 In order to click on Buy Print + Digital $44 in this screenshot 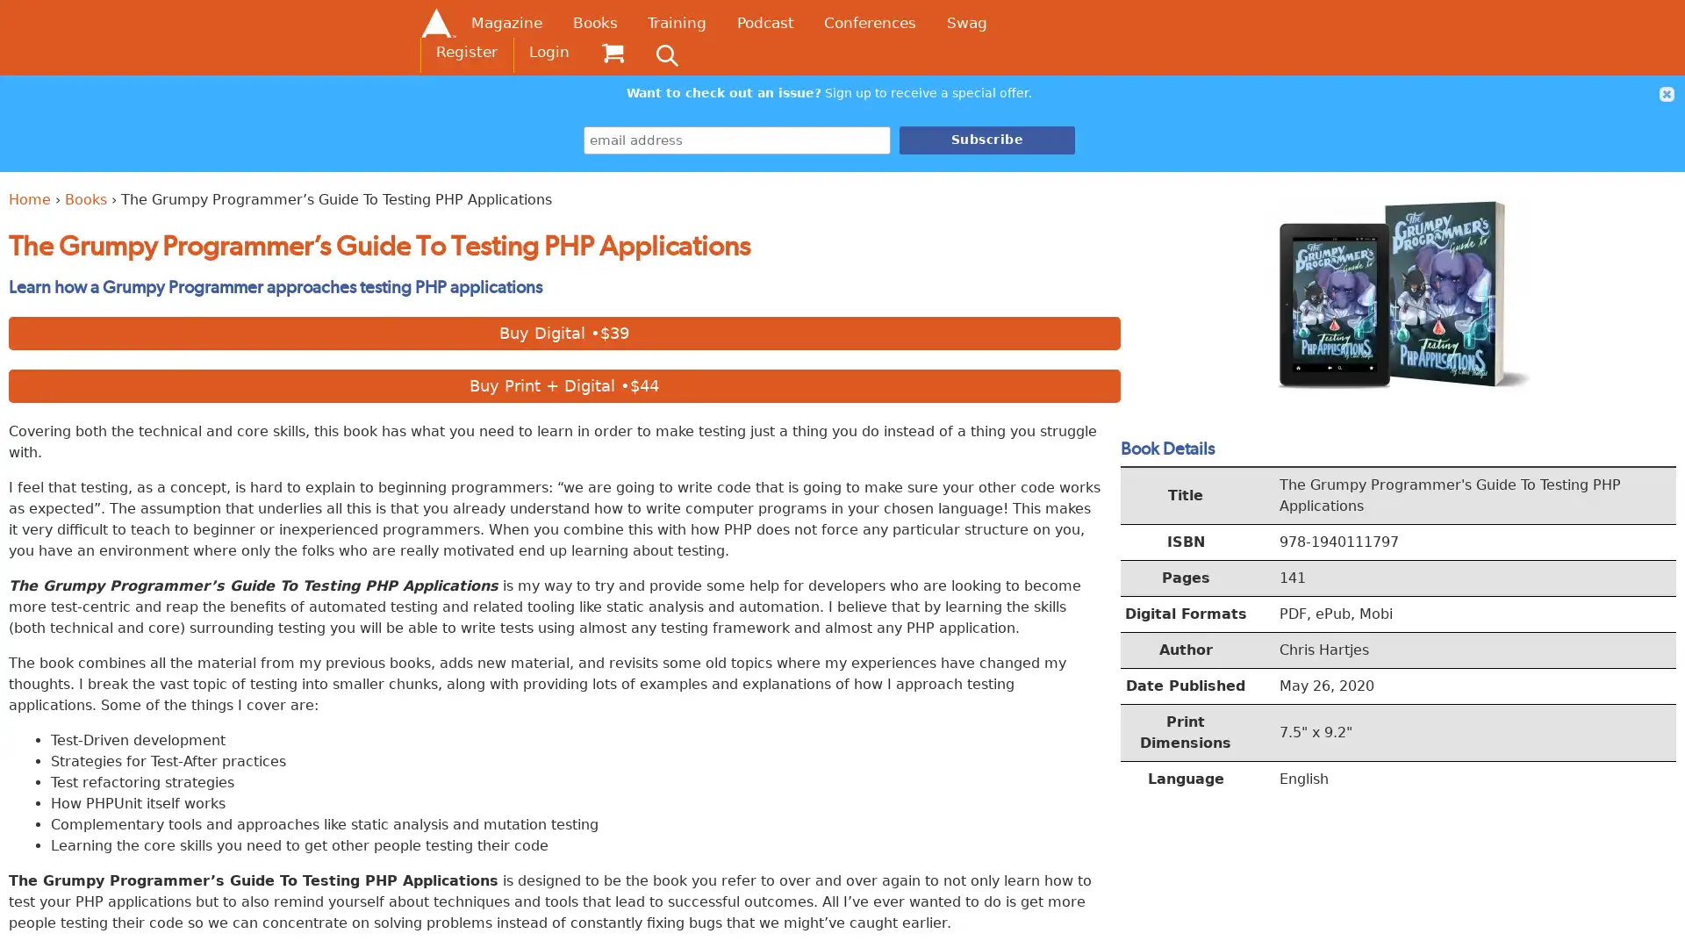, I will do `click(564, 384)`.